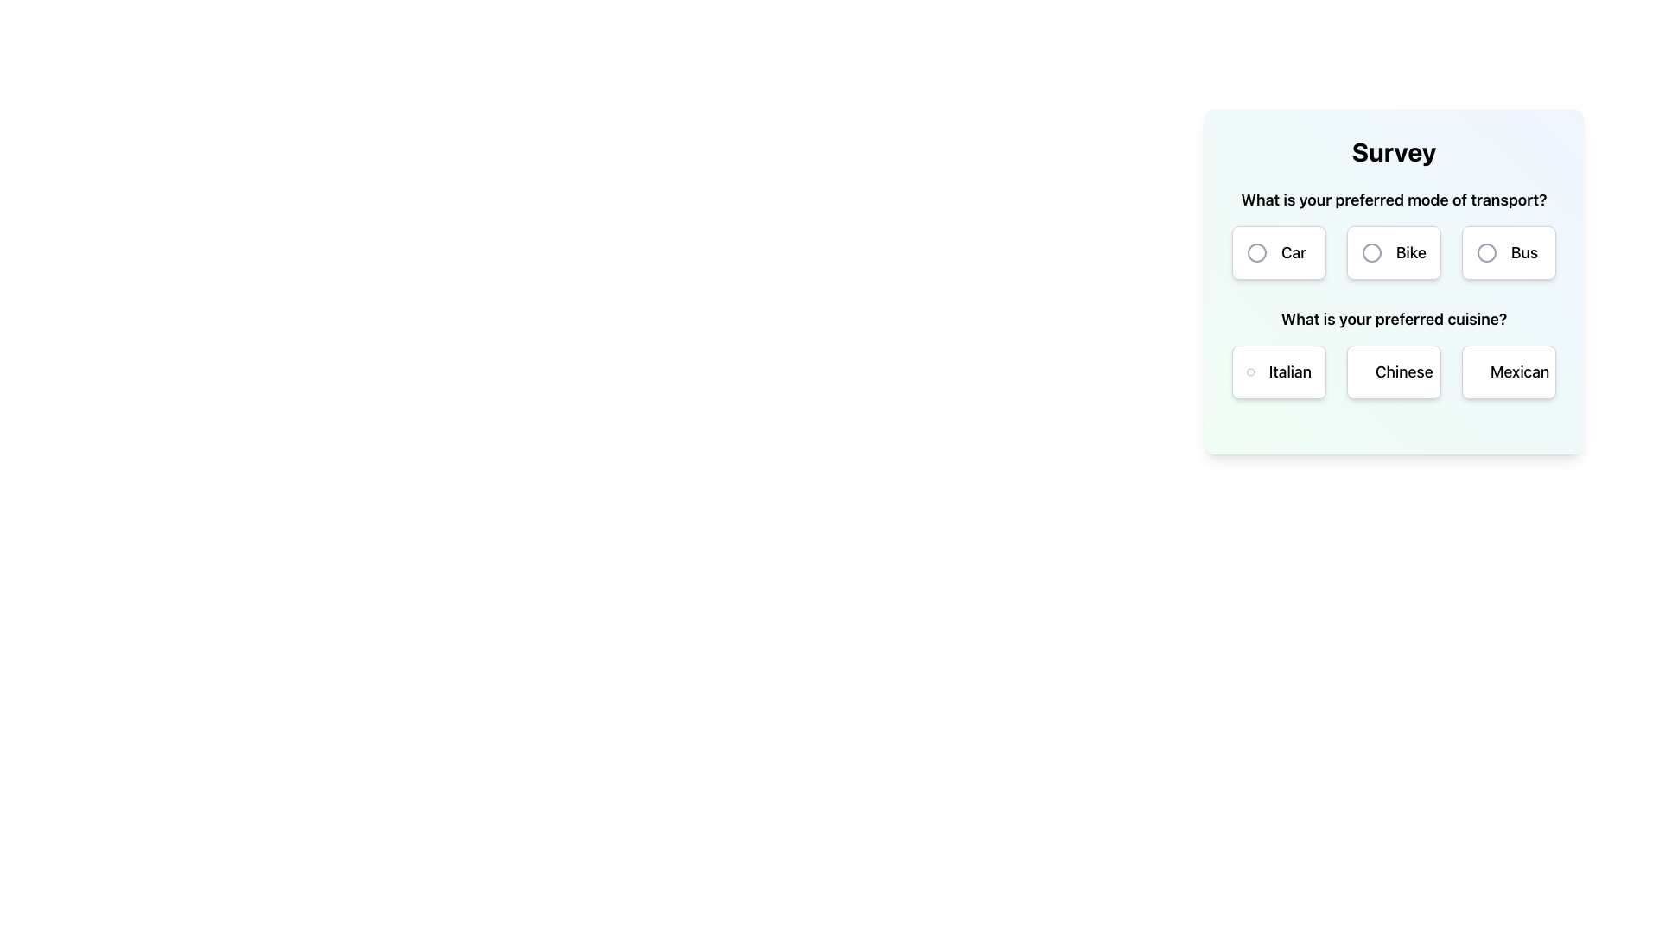 The image size is (1659, 933). I want to click on the radio button visual marker for the option 'Car' in the section titled 'What is your preferred mode of transport?', so click(1256, 253).